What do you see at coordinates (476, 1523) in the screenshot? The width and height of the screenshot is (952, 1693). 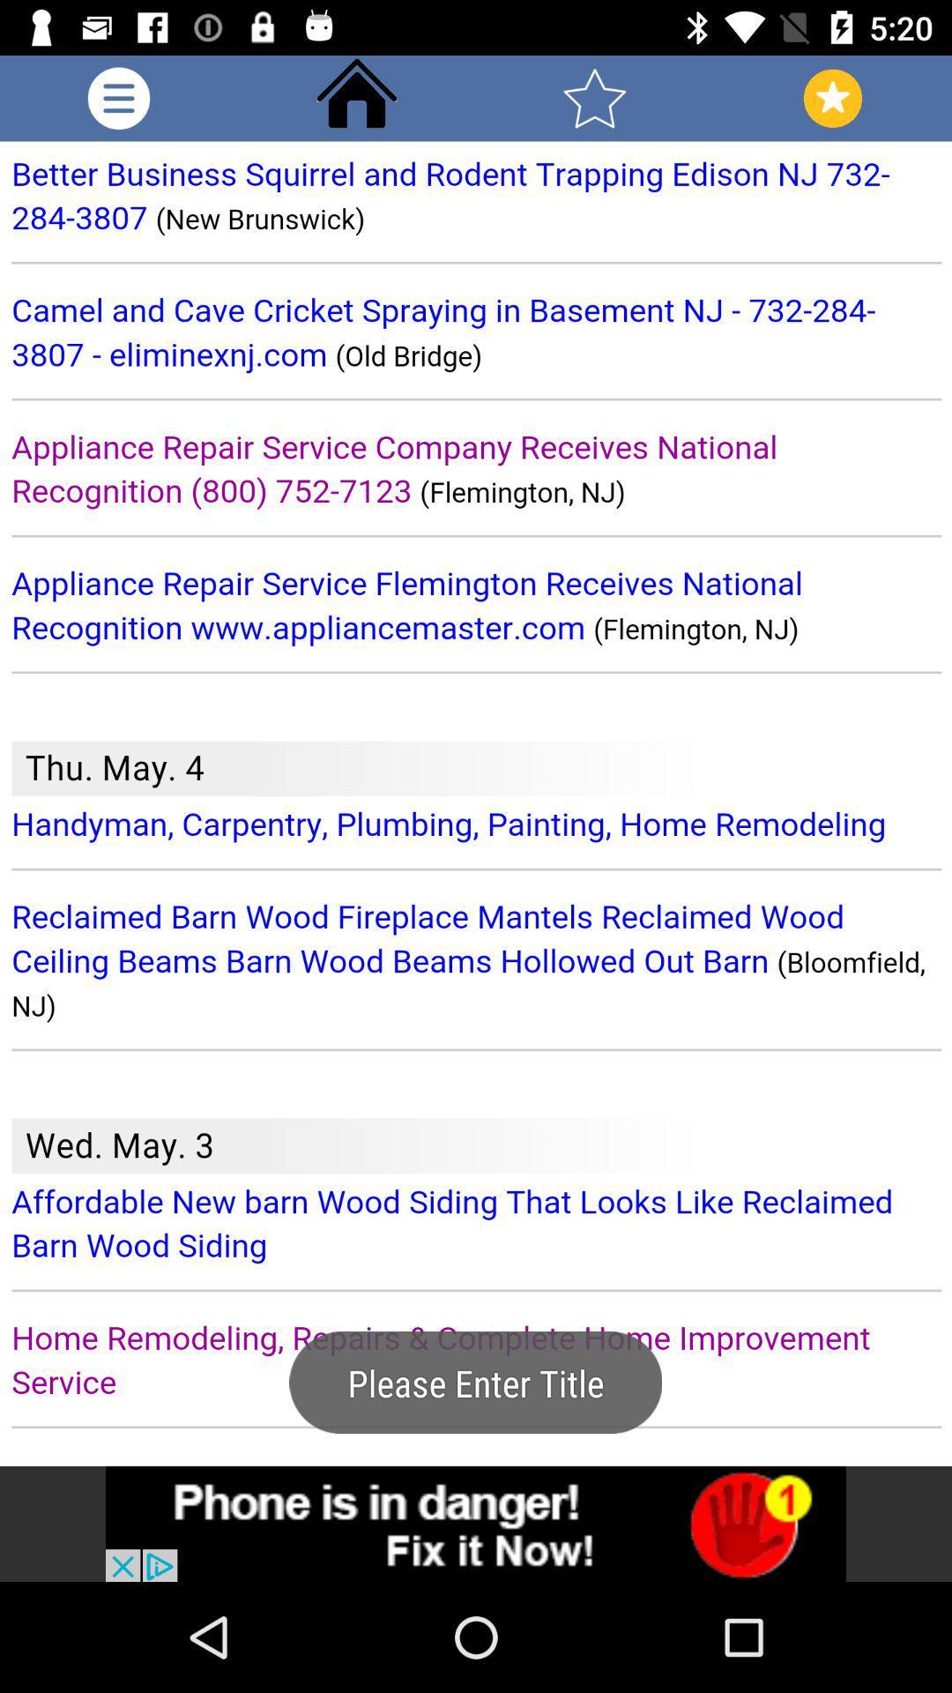 I see `advertisement` at bounding box center [476, 1523].